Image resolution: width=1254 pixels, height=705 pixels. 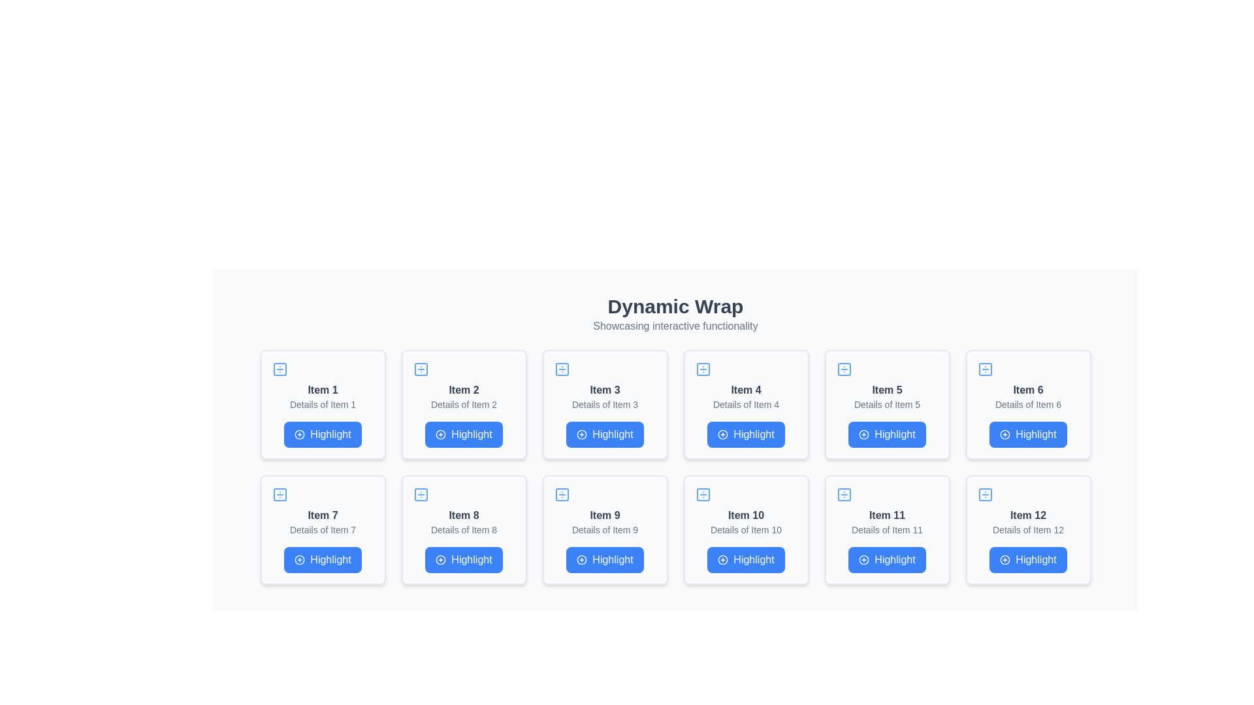 I want to click on the visual indicator or decorative component located at the top-left area of the 'Item 5' card, just below the main title and above the 'Highlight' button, so click(x=844, y=369).